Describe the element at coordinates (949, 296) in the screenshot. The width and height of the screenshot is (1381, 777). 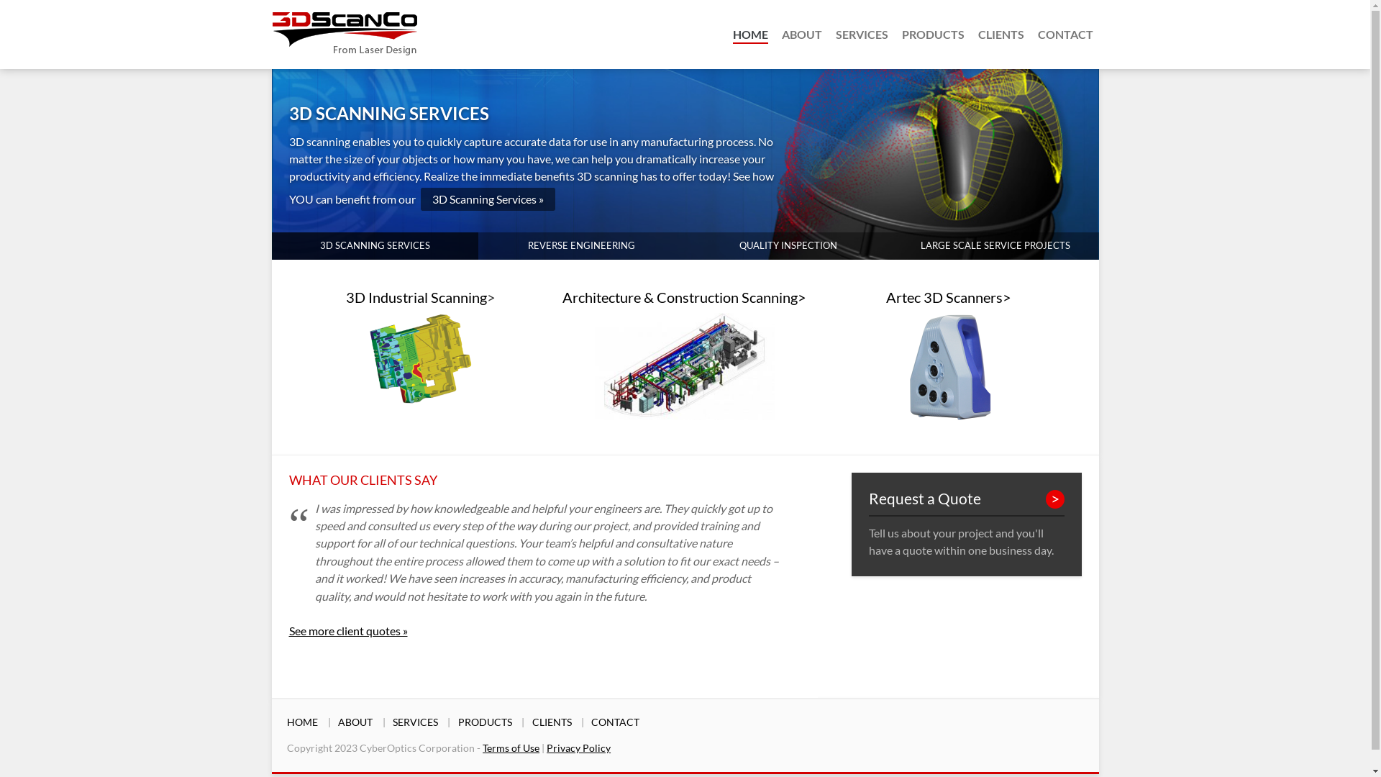
I see `'Artec 3D Scanners>'` at that location.